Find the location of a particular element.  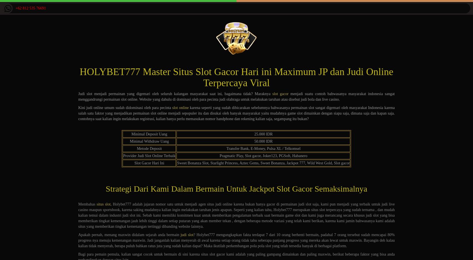

'Slot Gacor Hari Ini' is located at coordinates (149, 163).